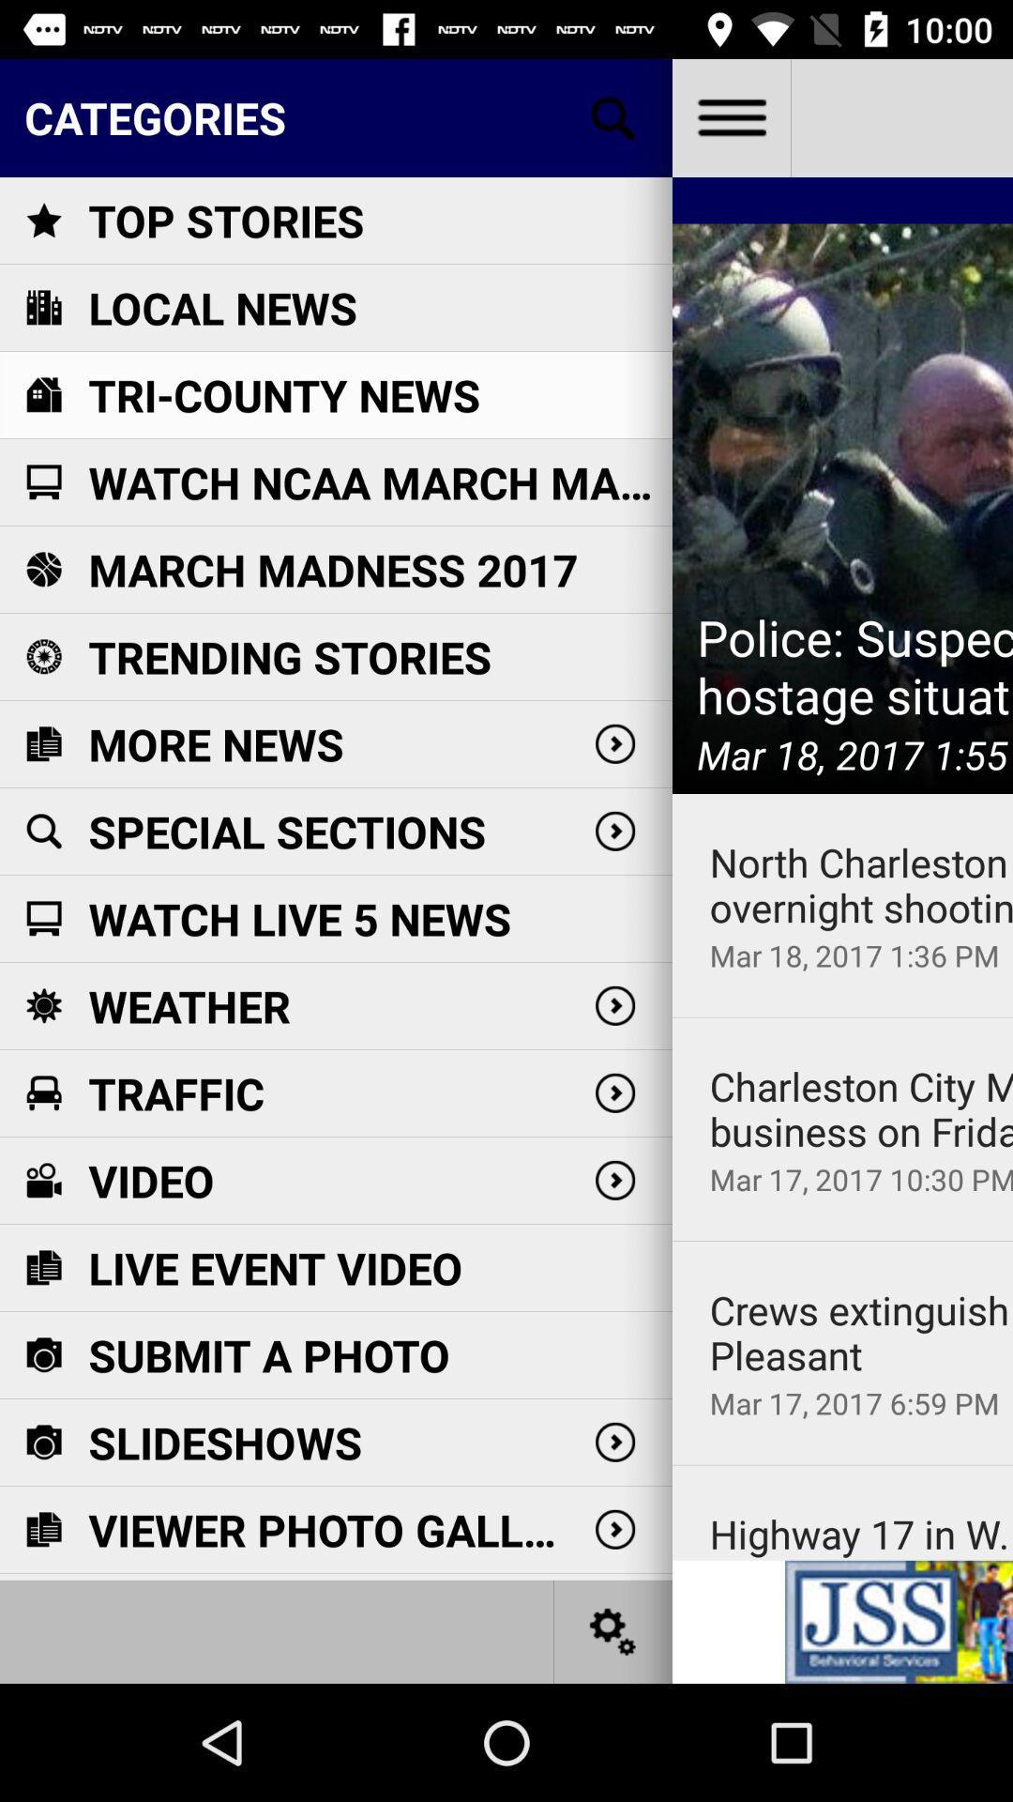 The image size is (1013, 1802). What do you see at coordinates (841, 1241) in the screenshot?
I see `the icon next to live event video item` at bounding box center [841, 1241].